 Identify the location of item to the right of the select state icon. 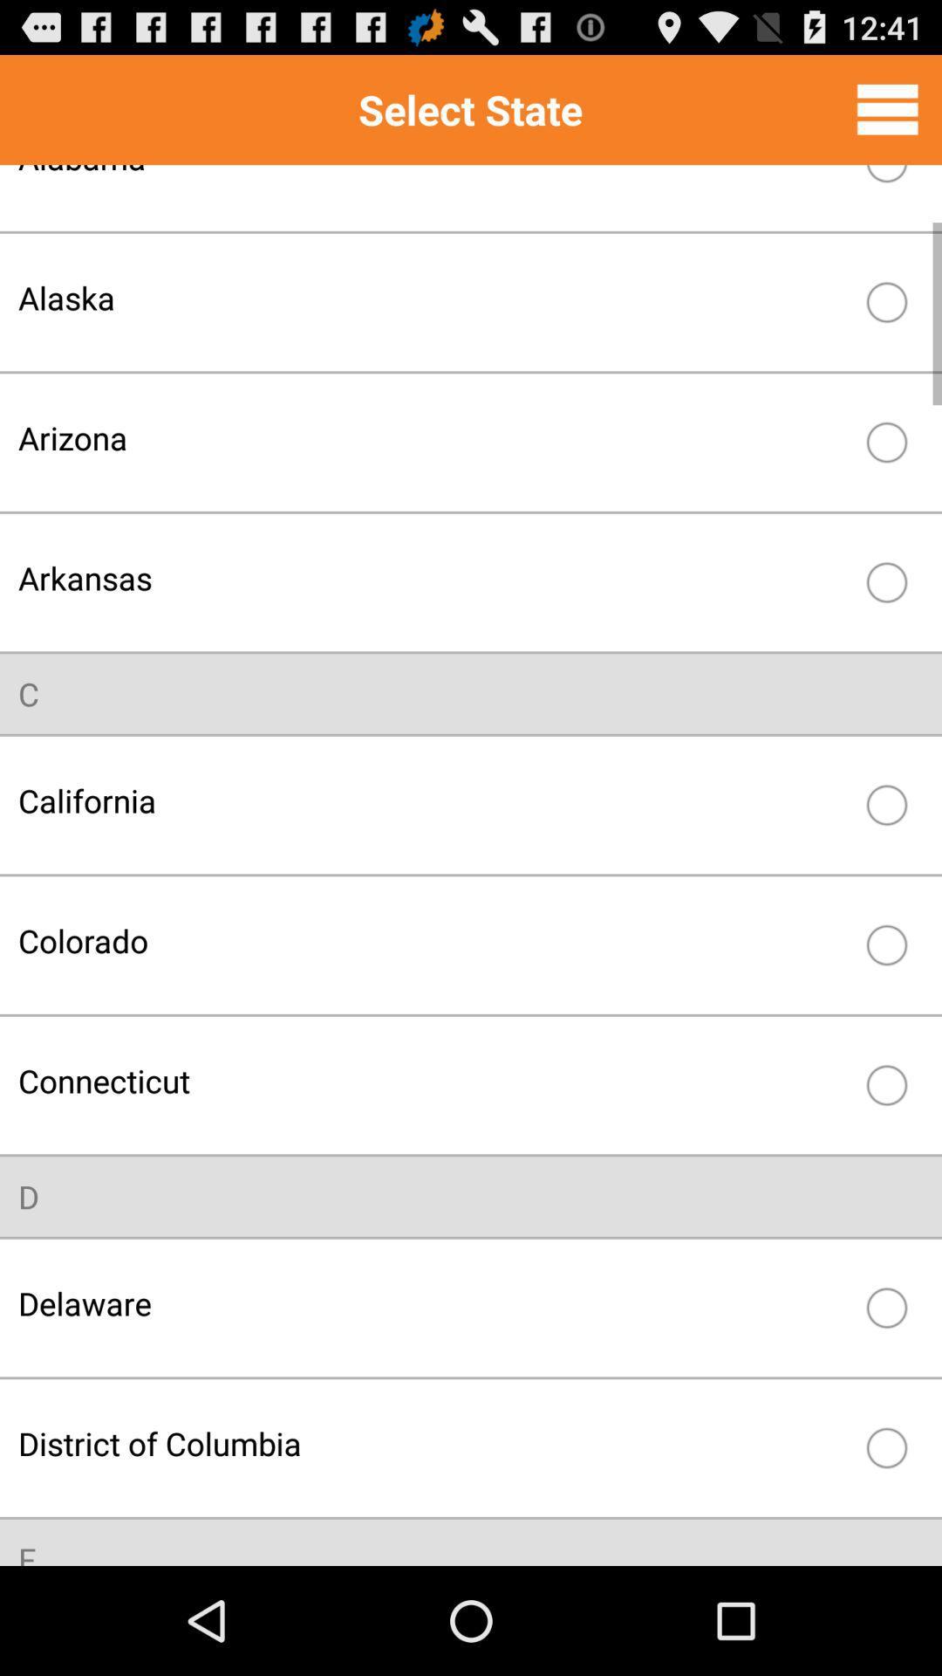
(887, 108).